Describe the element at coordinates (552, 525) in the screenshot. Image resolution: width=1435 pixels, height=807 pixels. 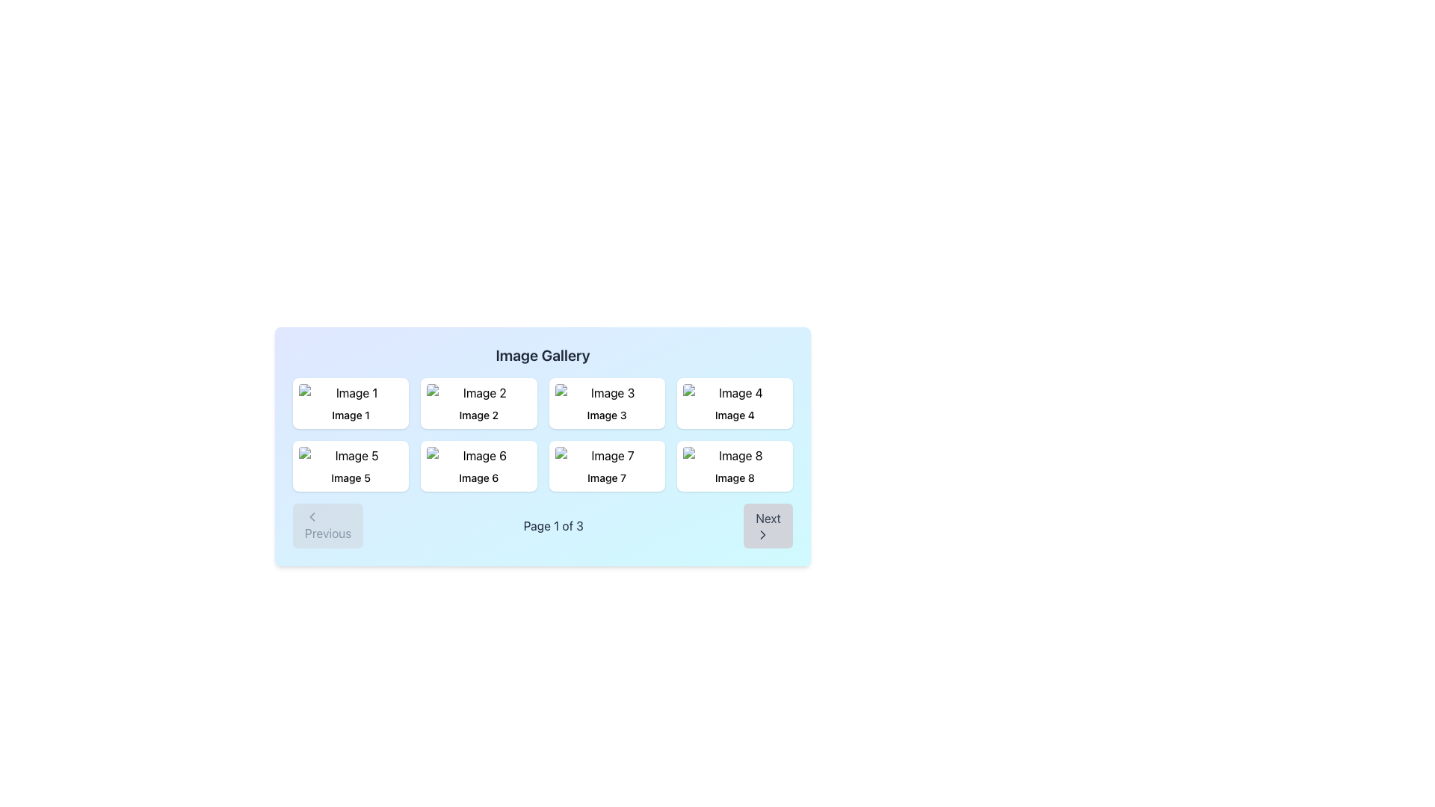
I see `the static text label displaying 'Page 1 of 3', which is centrally positioned between the 'Previous' and 'Next' buttons` at that location.